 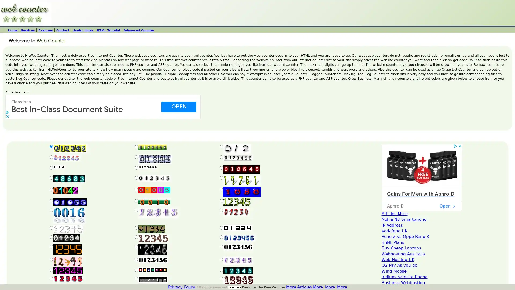 What do you see at coordinates (236, 211) in the screenshot?
I see `Submit` at bounding box center [236, 211].